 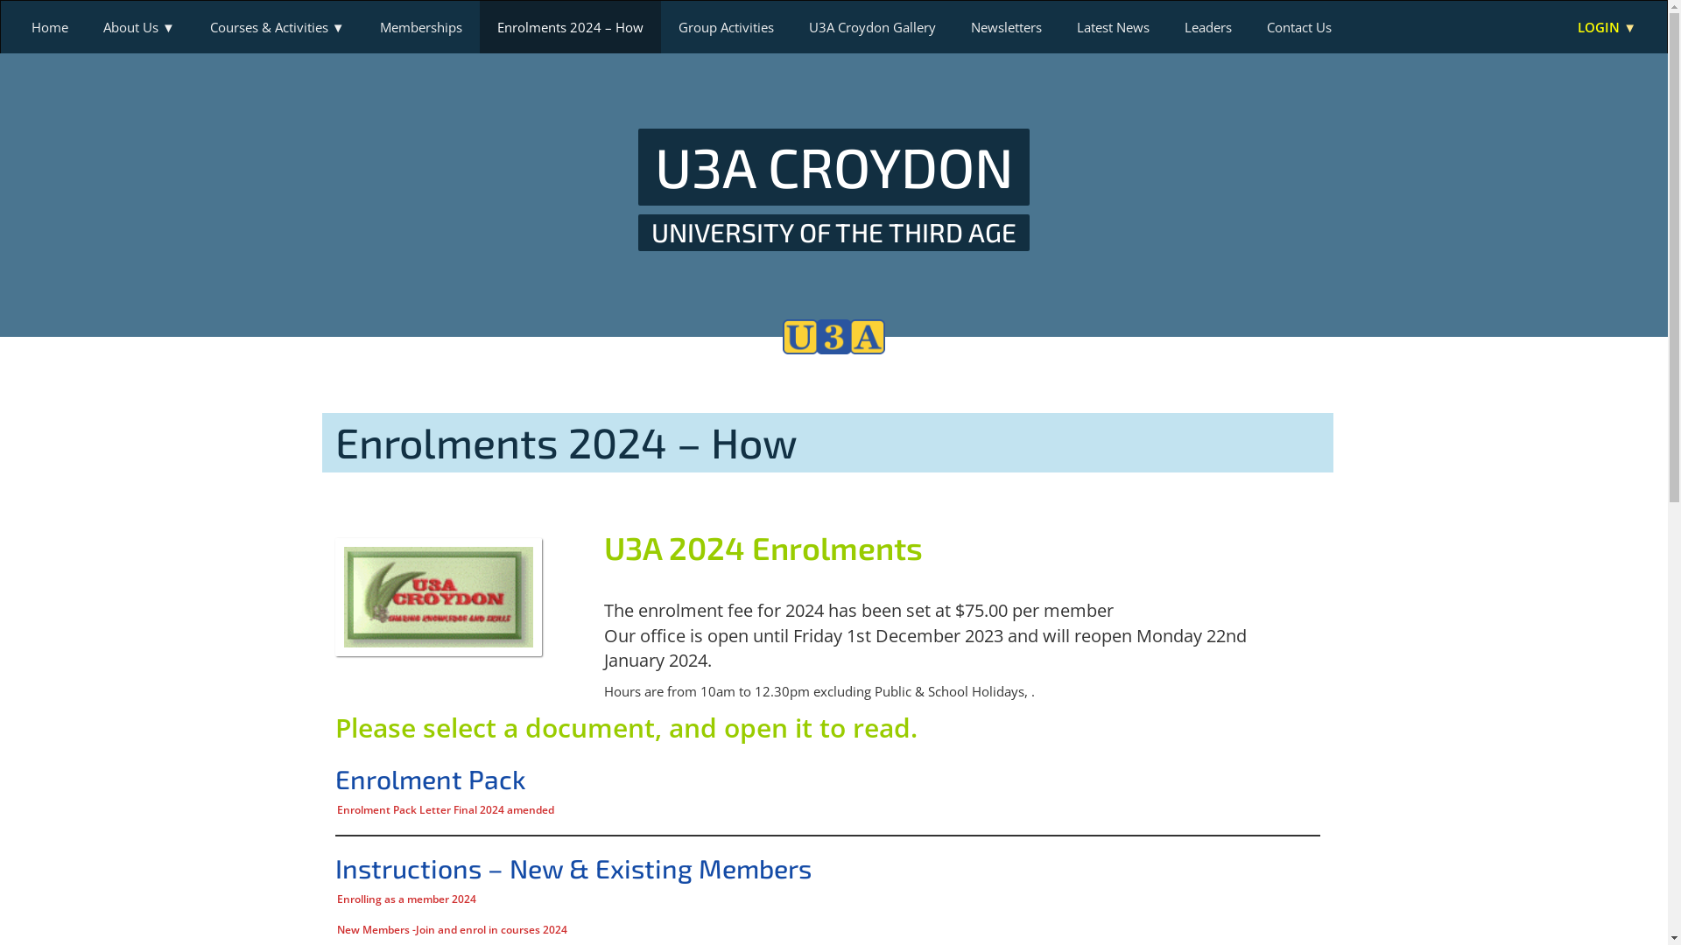 I want to click on 'Contact Us', so click(x=1298, y=26).